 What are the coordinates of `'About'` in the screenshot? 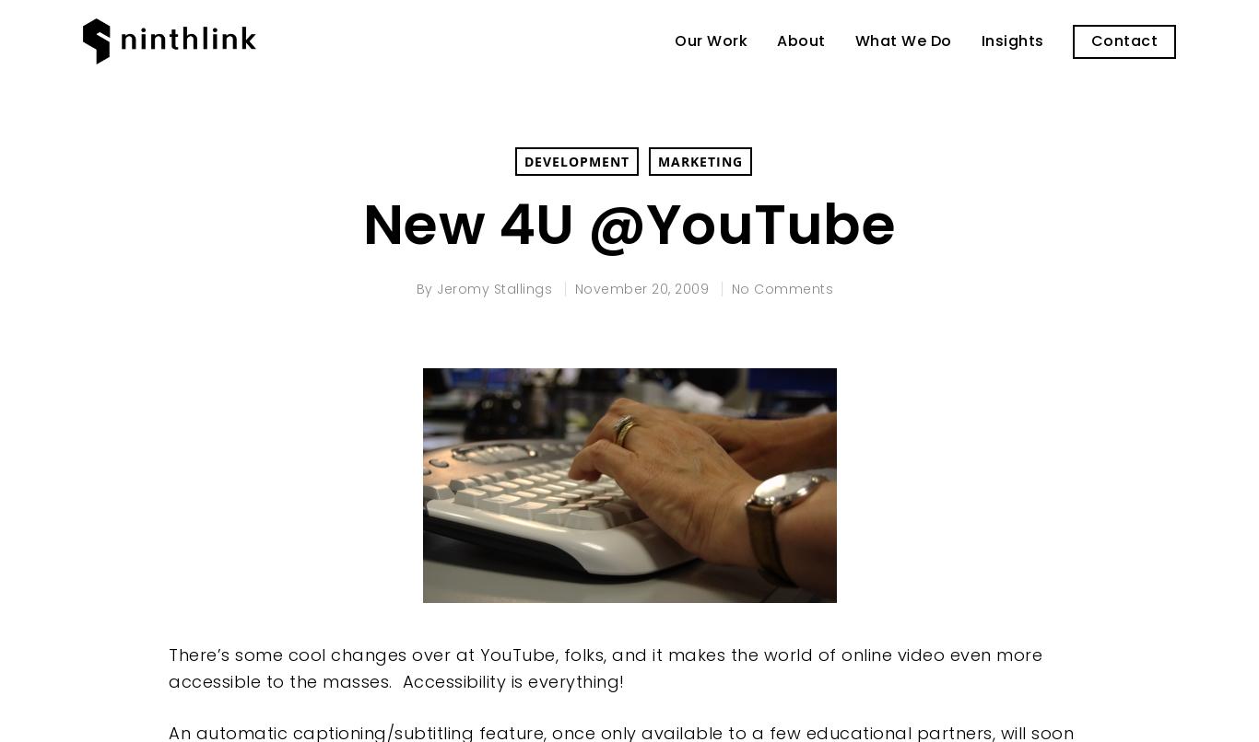 It's located at (800, 40).